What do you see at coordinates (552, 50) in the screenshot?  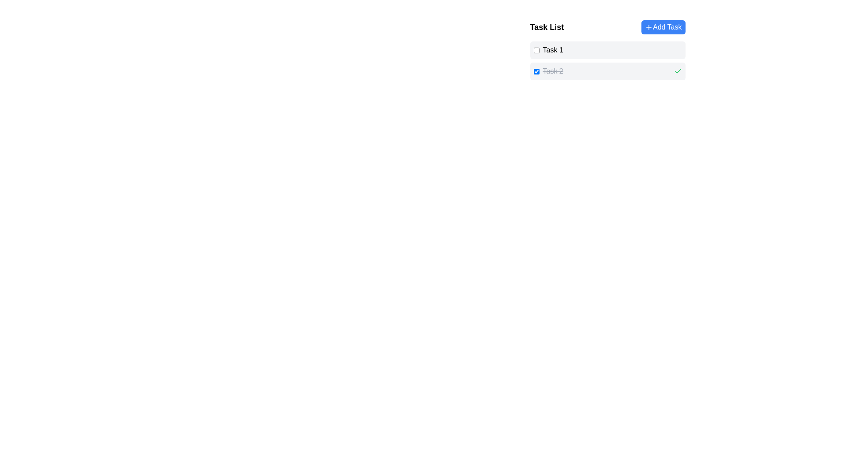 I see `title text of the first task in the list, which is located to the right of an unchecked checkbox under the 'Task List' header` at bounding box center [552, 50].